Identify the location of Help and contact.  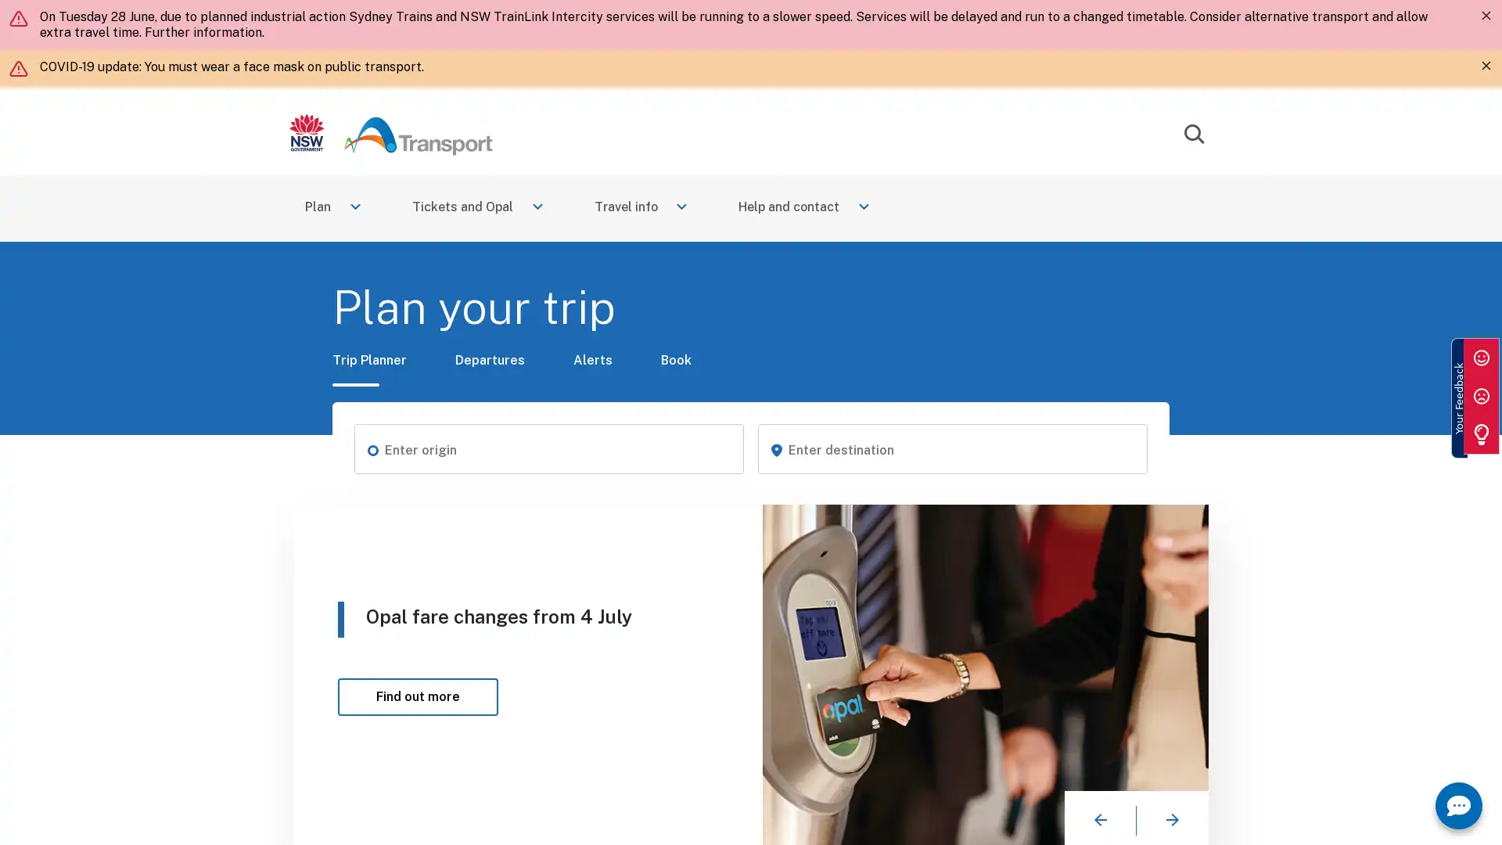
(806, 207).